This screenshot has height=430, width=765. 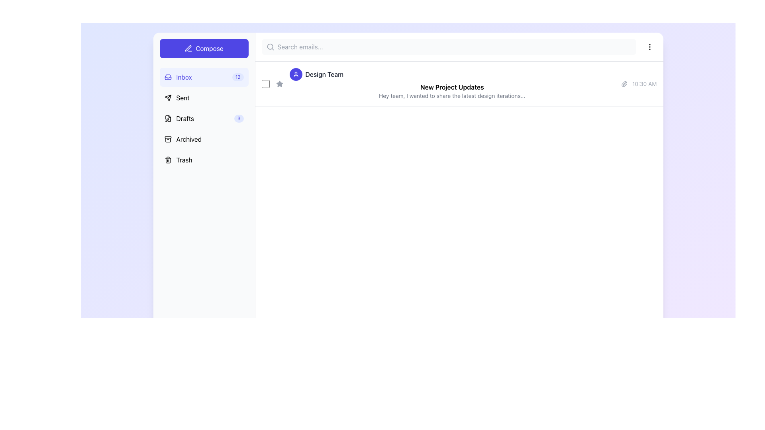 What do you see at coordinates (204, 118) in the screenshot?
I see `the Navigation menu item located` at bounding box center [204, 118].